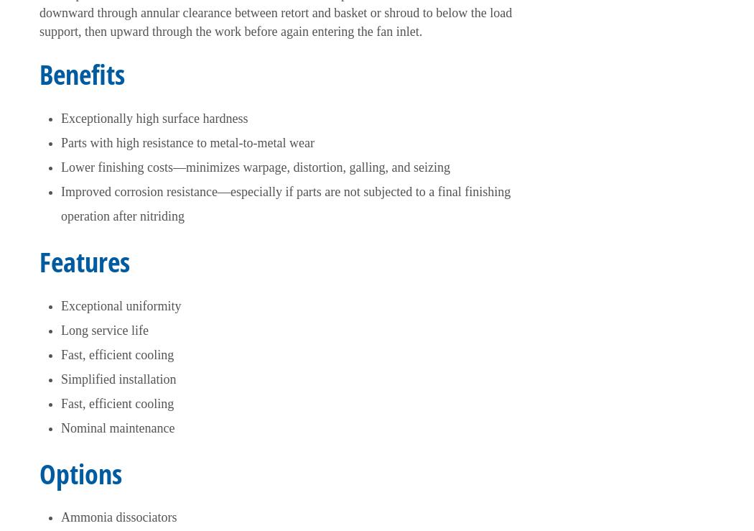 This screenshot has height=531, width=754. What do you see at coordinates (84, 259) in the screenshot?
I see `'Features'` at bounding box center [84, 259].